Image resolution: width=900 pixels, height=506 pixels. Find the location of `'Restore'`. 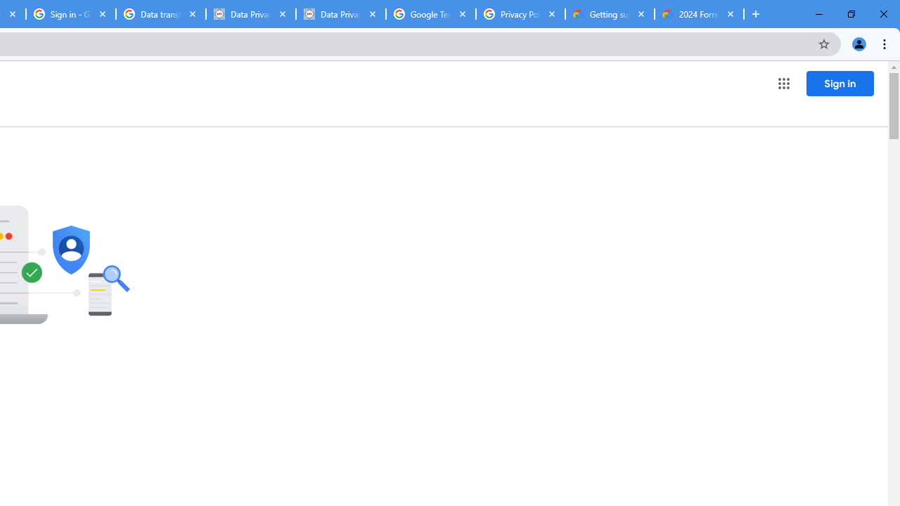

'Restore' is located at coordinates (850, 14).